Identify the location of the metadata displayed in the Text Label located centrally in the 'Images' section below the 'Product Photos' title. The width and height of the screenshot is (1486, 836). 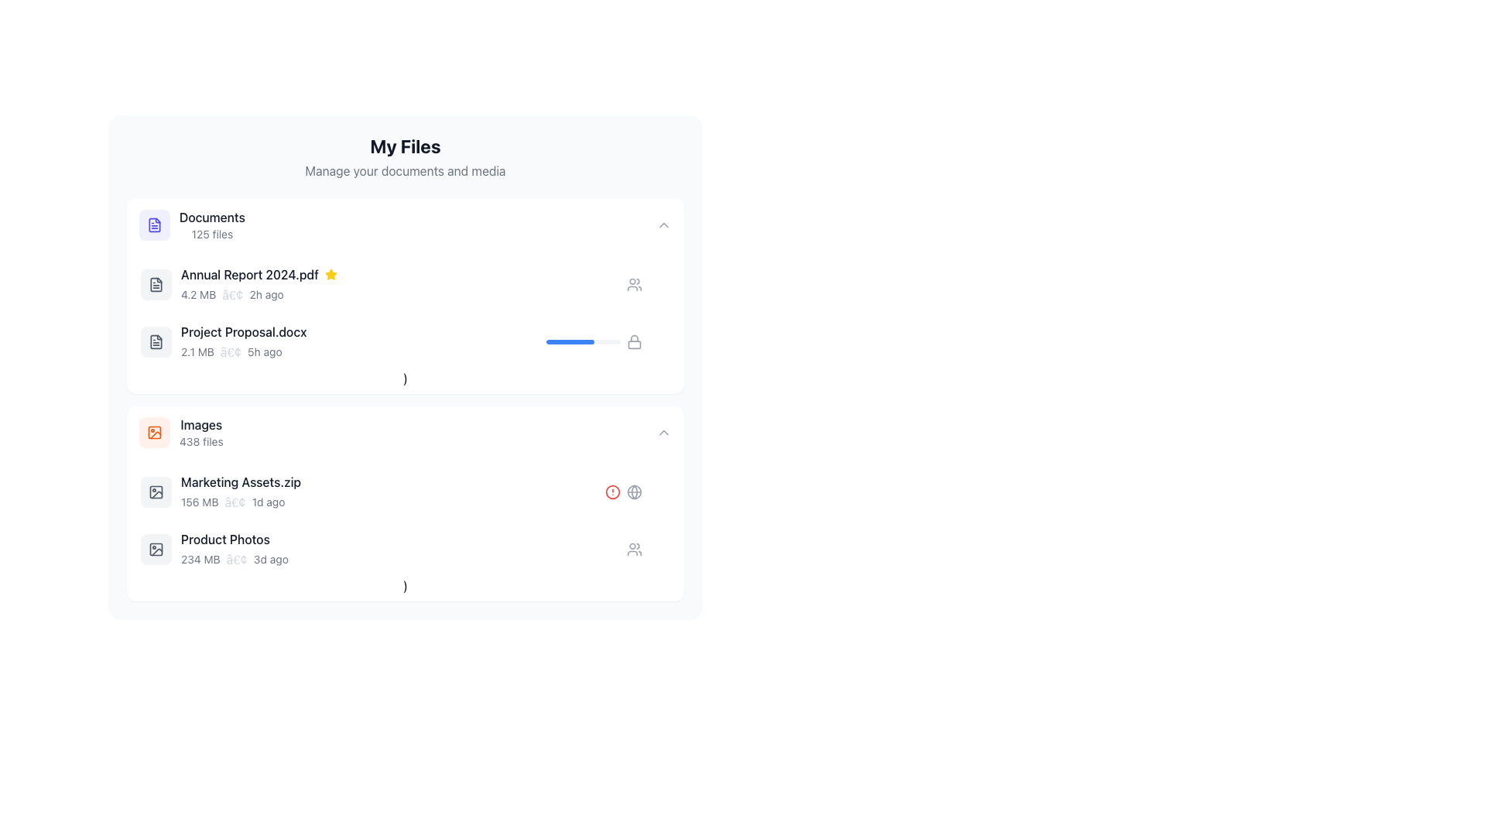
(404, 559).